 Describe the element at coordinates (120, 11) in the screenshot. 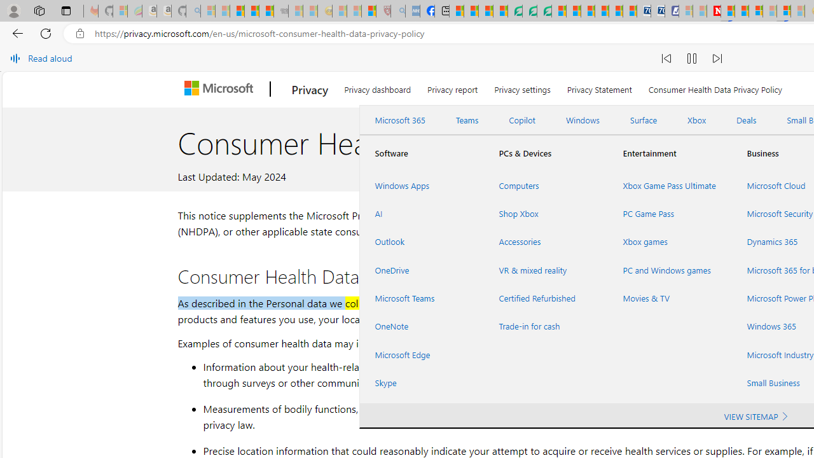

I see `'Microsoft-Report a Concern to Bing - Sleeping'` at that location.